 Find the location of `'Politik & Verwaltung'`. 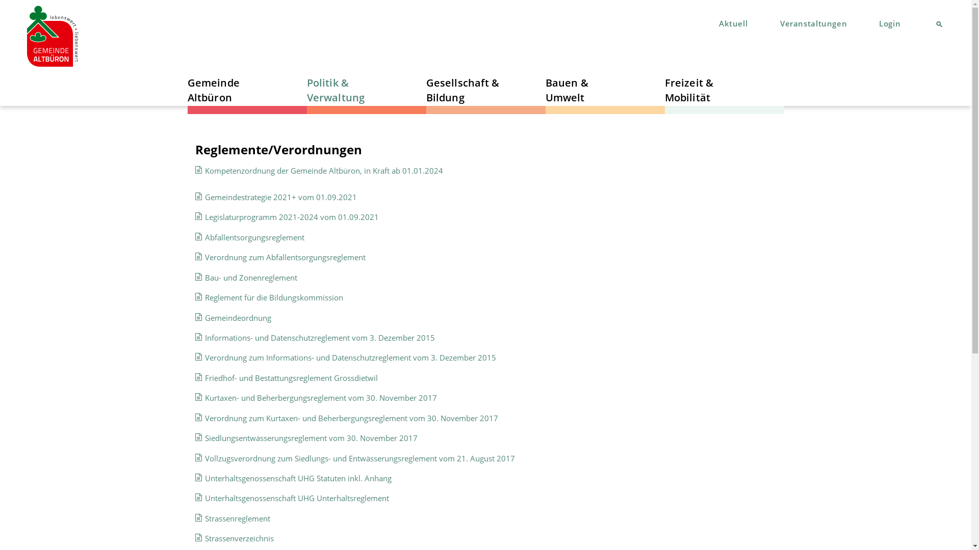

'Politik & Verwaltung' is located at coordinates (347, 89).